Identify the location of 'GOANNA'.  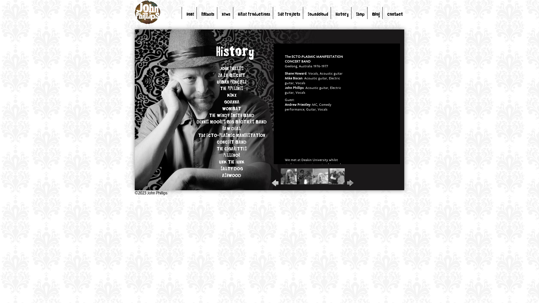
(232, 102).